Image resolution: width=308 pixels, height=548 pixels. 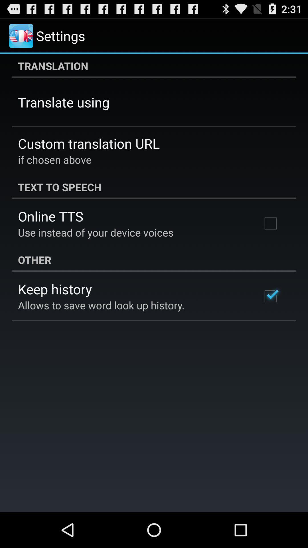 What do you see at coordinates (154, 187) in the screenshot?
I see `the icon above the online tts` at bounding box center [154, 187].